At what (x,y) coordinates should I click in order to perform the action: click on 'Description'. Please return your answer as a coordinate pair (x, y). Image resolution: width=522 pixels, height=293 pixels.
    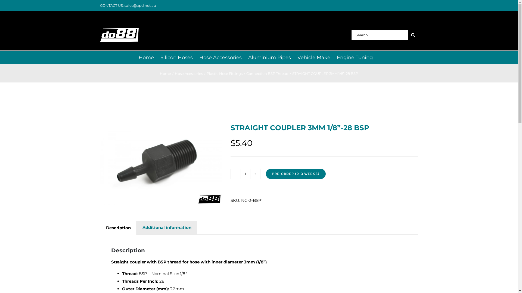
    Looking at the image, I should click on (118, 228).